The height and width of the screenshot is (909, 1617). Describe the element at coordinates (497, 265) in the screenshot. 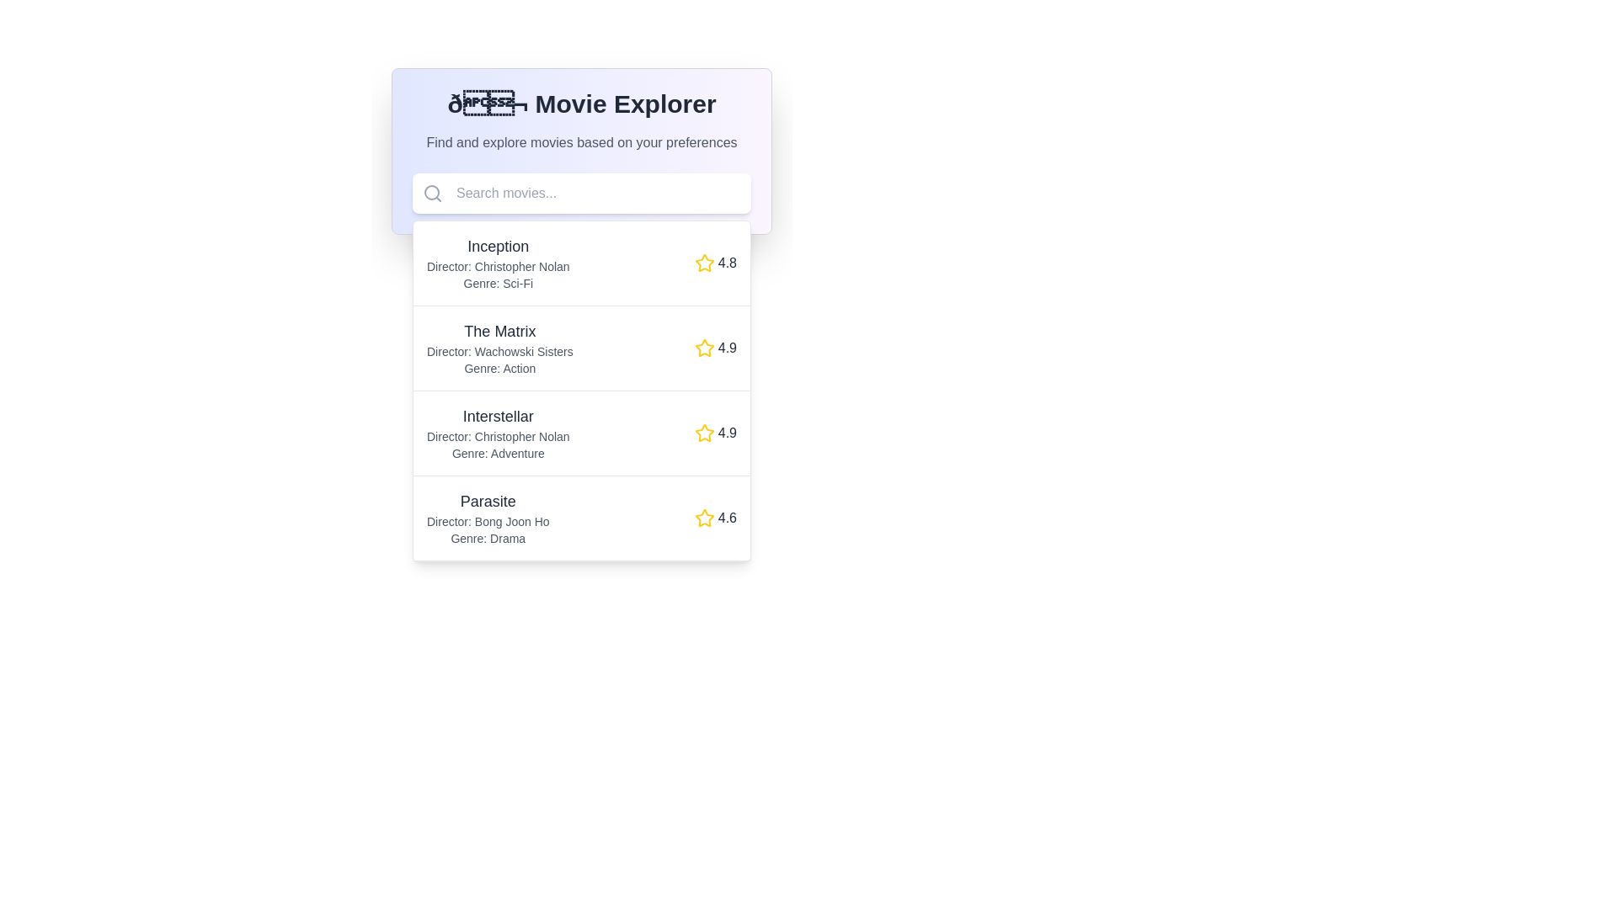

I see `the text label that displays the name of the director, 'Christopher Nolan', which is positioned below the title 'Inception' and above the genre 'Sci-Fi' in the 'Movie Explorer' section` at that location.